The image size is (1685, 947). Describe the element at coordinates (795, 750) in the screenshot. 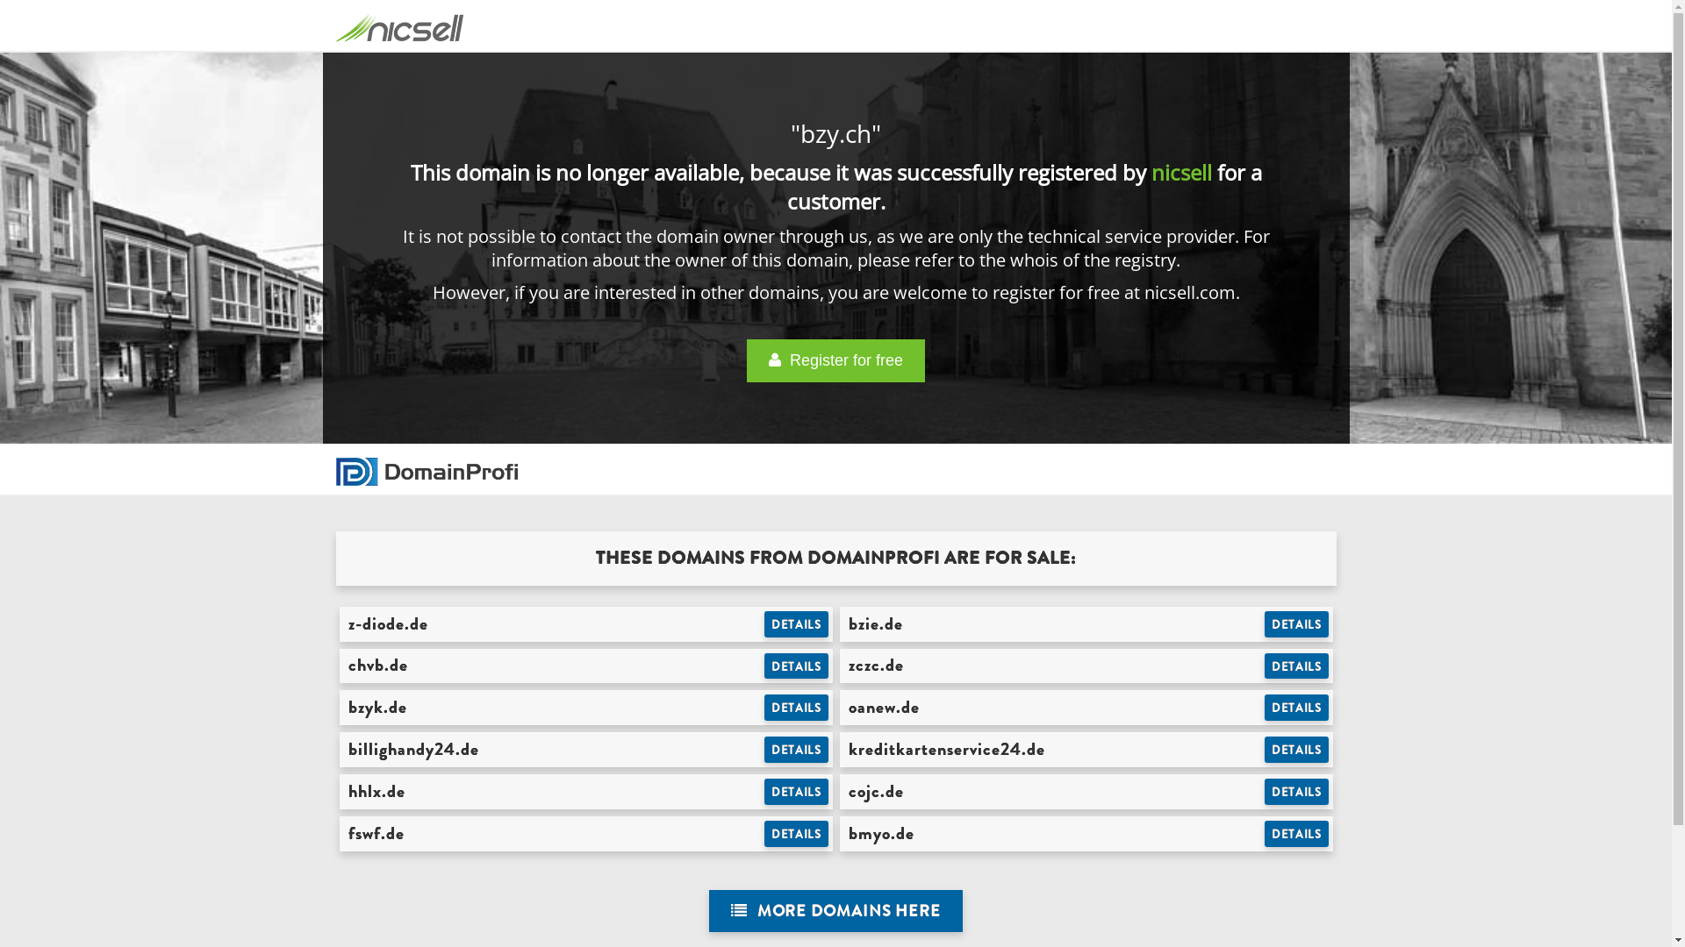

I see `'DETAILS'` at that location.